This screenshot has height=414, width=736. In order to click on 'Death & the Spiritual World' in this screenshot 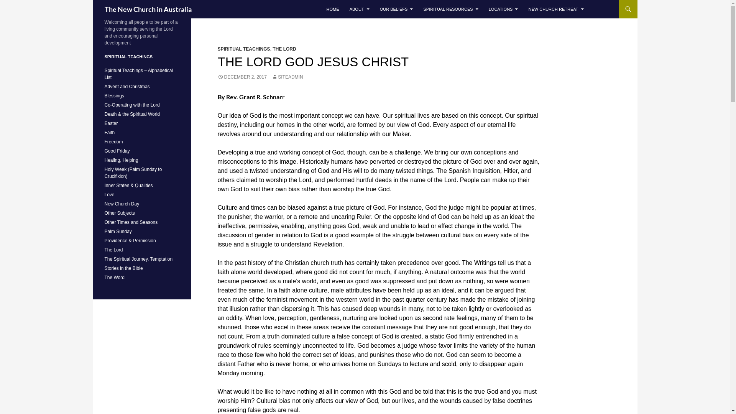, I will do `click(132, 114)`.